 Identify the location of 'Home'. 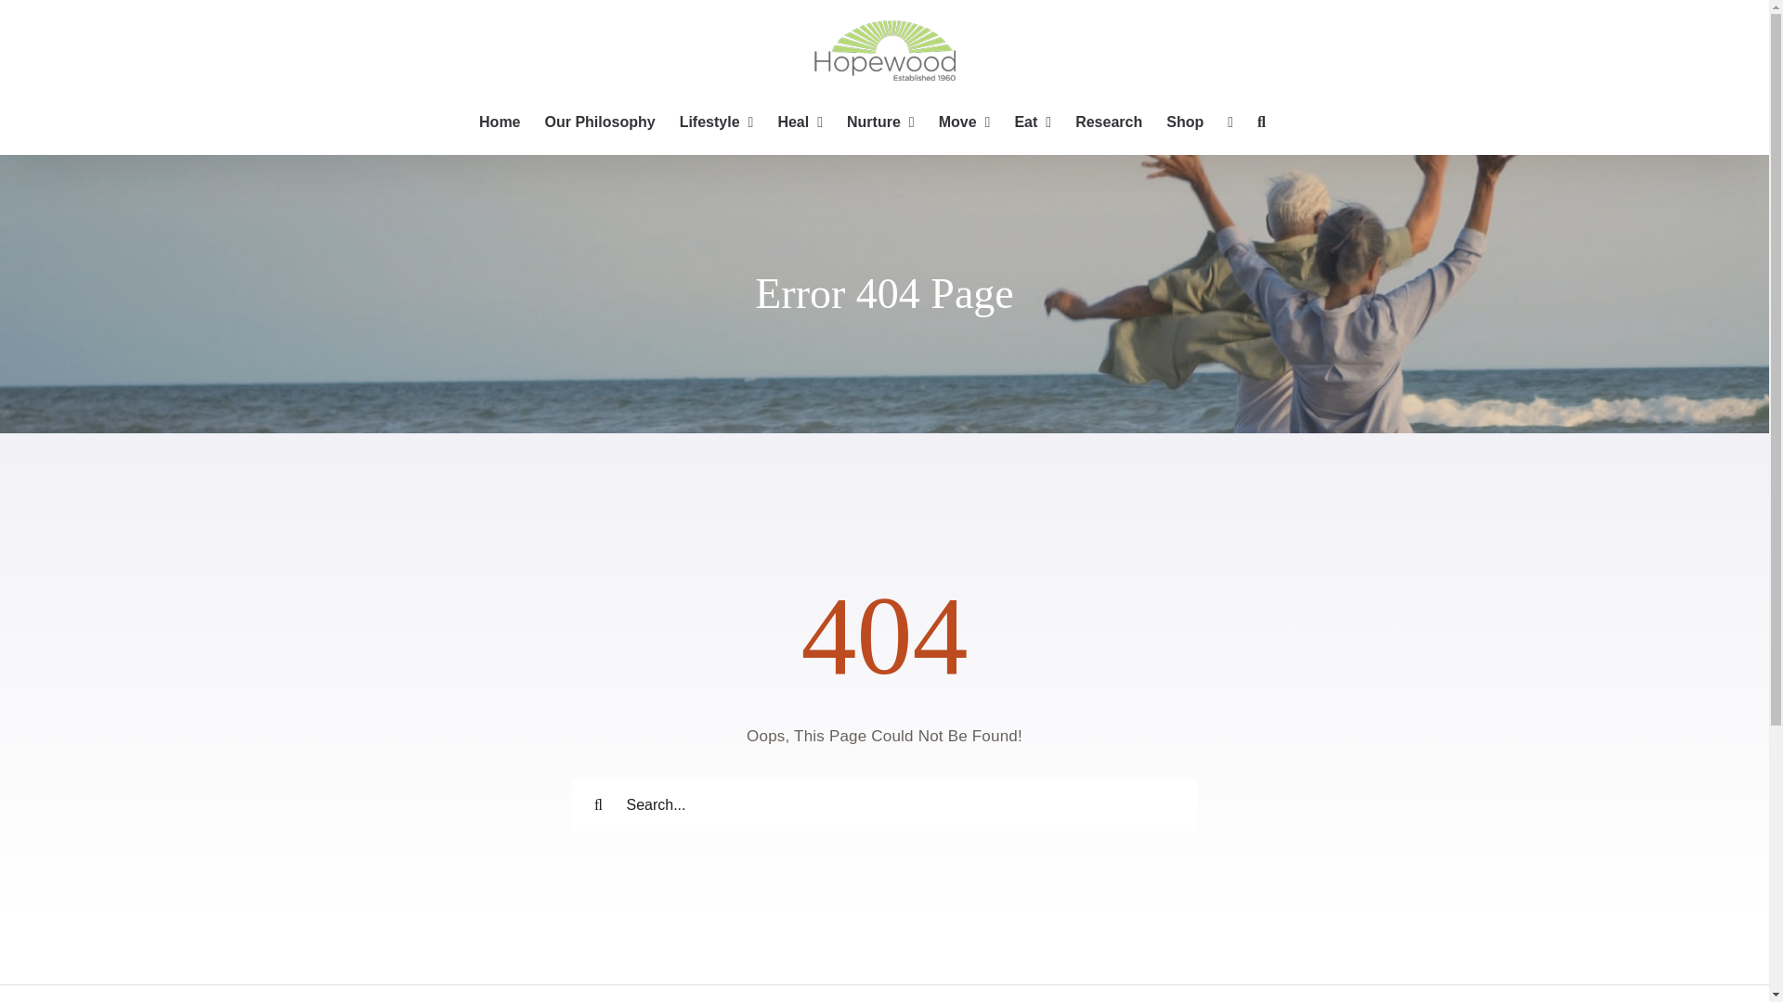
(499, 122).